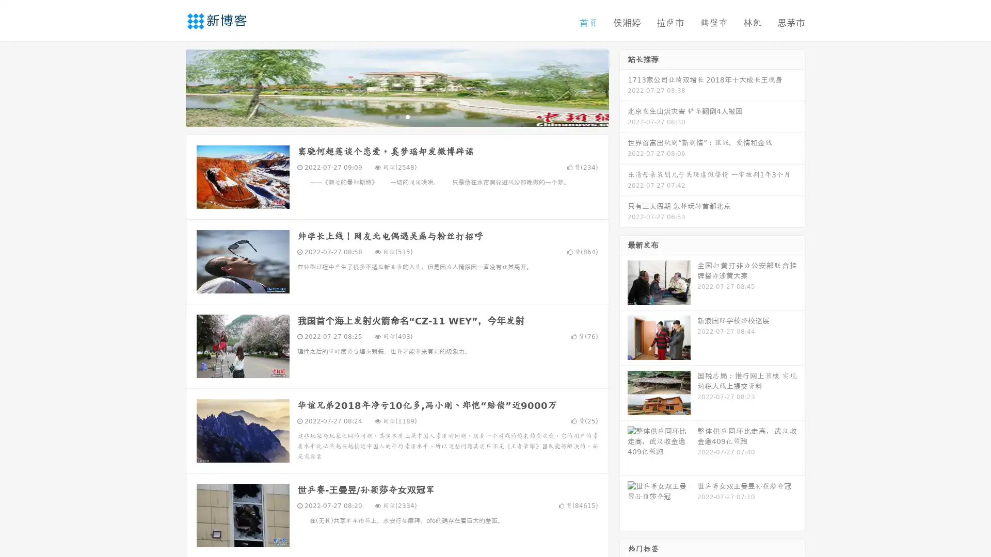  What do you see at coordinates (624, 87) in the screenshot?
I see `Next slide` at bounding box center [624, 87].